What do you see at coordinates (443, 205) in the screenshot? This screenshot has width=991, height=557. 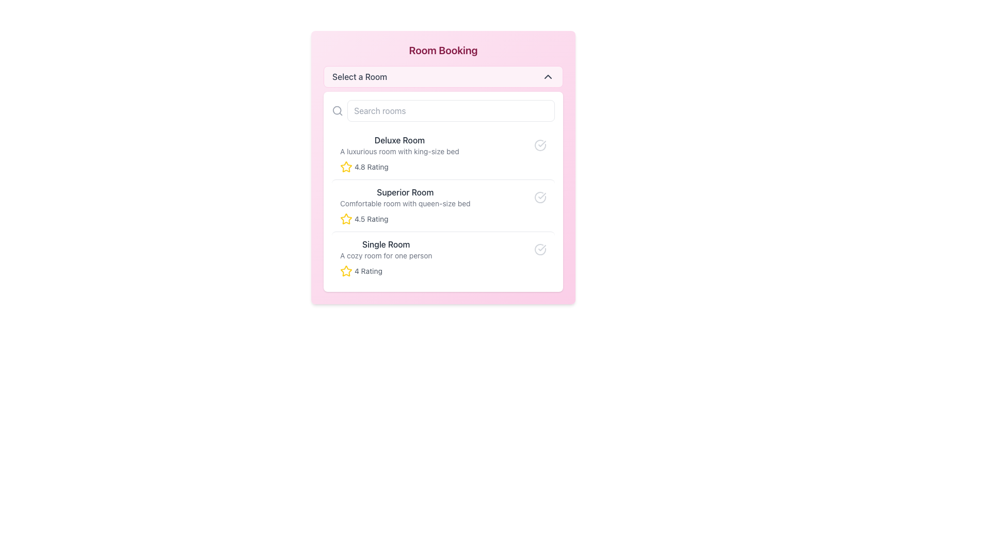 I see `the 'Superior Room' list item in the 'Room Booking' dialog, which is the second item in the vertical list of room options` at bounding box center [443, 205].